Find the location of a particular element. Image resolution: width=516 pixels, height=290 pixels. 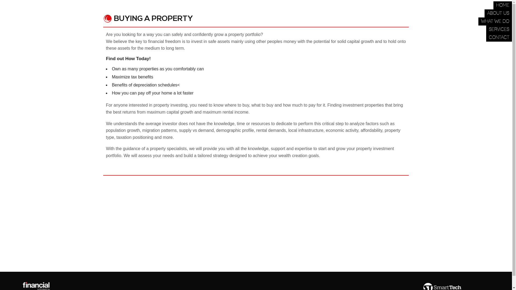

'HOME' is located at coordinates (502, 5).